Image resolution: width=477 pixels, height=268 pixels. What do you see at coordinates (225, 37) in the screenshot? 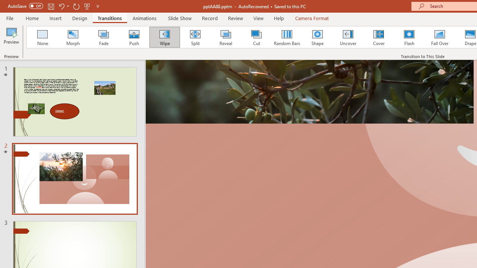
I see `'Reveal'` at bounding box center [225, 37].